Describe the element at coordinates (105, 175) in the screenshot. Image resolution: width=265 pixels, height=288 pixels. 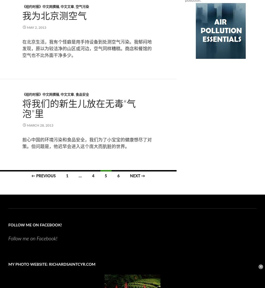
I see `'5'` at that location.